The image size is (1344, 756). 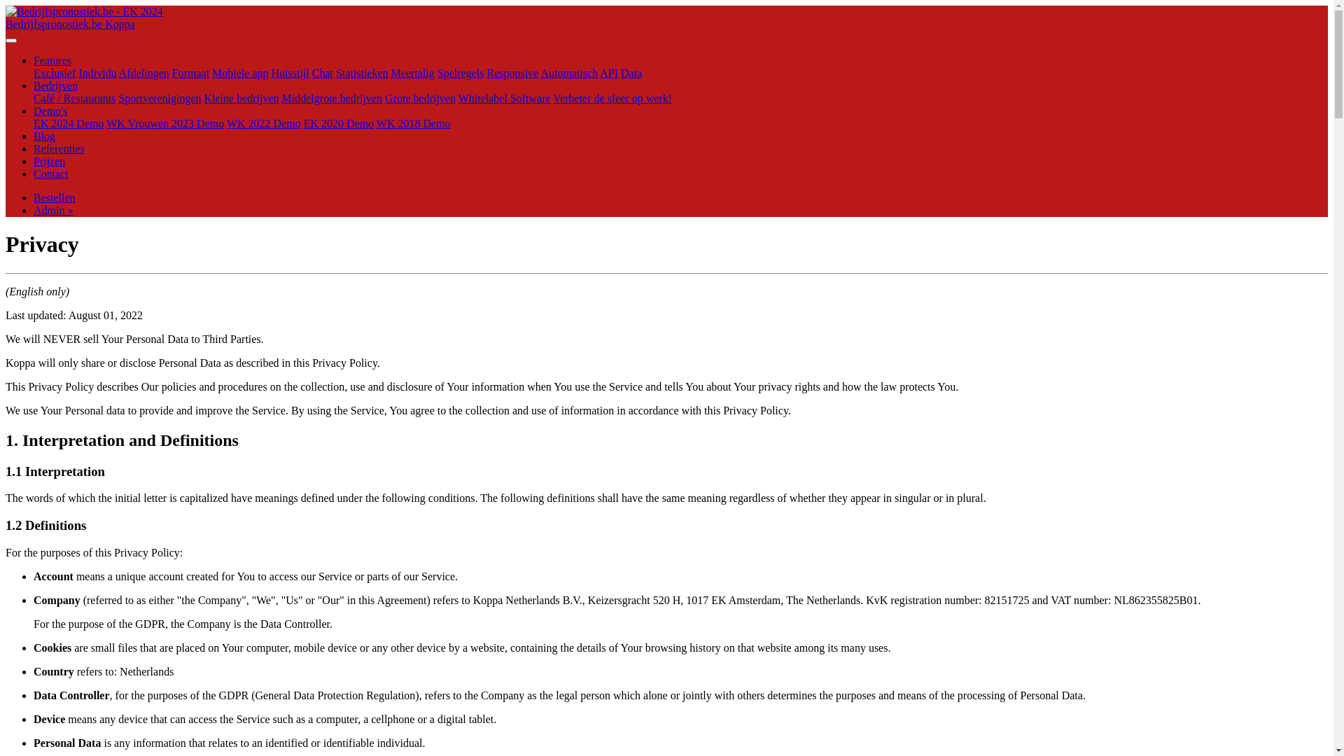 I want to click on 'Chat', so click(x=311, y=73).